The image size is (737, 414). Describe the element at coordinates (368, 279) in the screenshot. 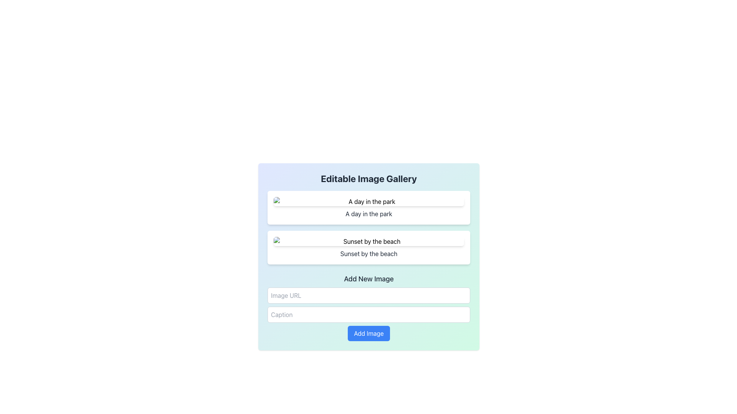

I see `the text label that reads 'Add New Image', which is styled with a large, bold font and medium gray color, positioned above the 'Image URL' and 'Caption' text fields` at that location.